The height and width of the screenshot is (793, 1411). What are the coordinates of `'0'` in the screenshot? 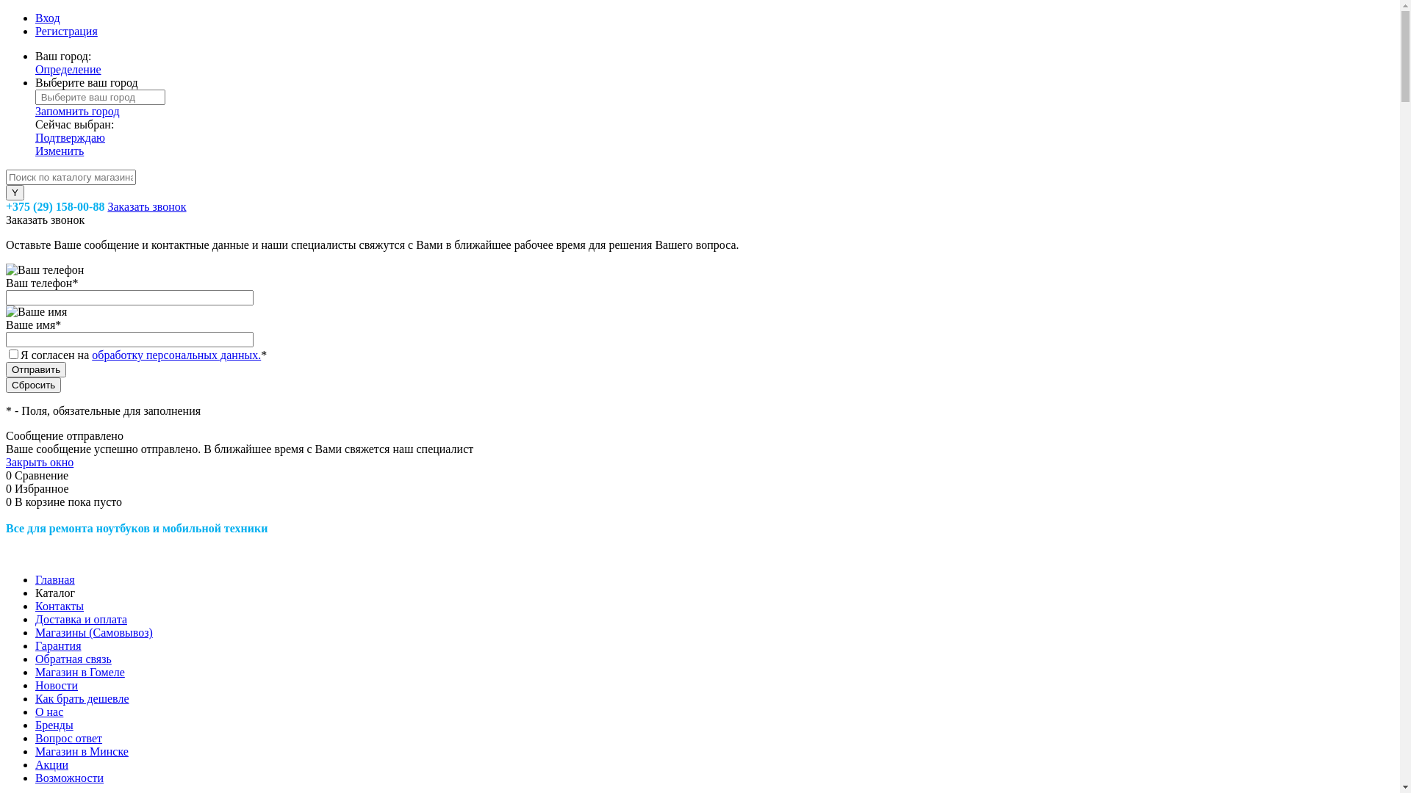 It's located at (10, 488).